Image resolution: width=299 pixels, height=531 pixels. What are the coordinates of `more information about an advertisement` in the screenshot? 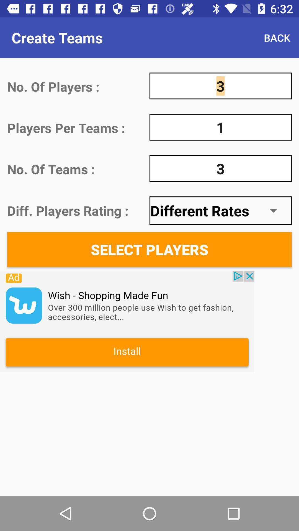 It's located at (127, 321).